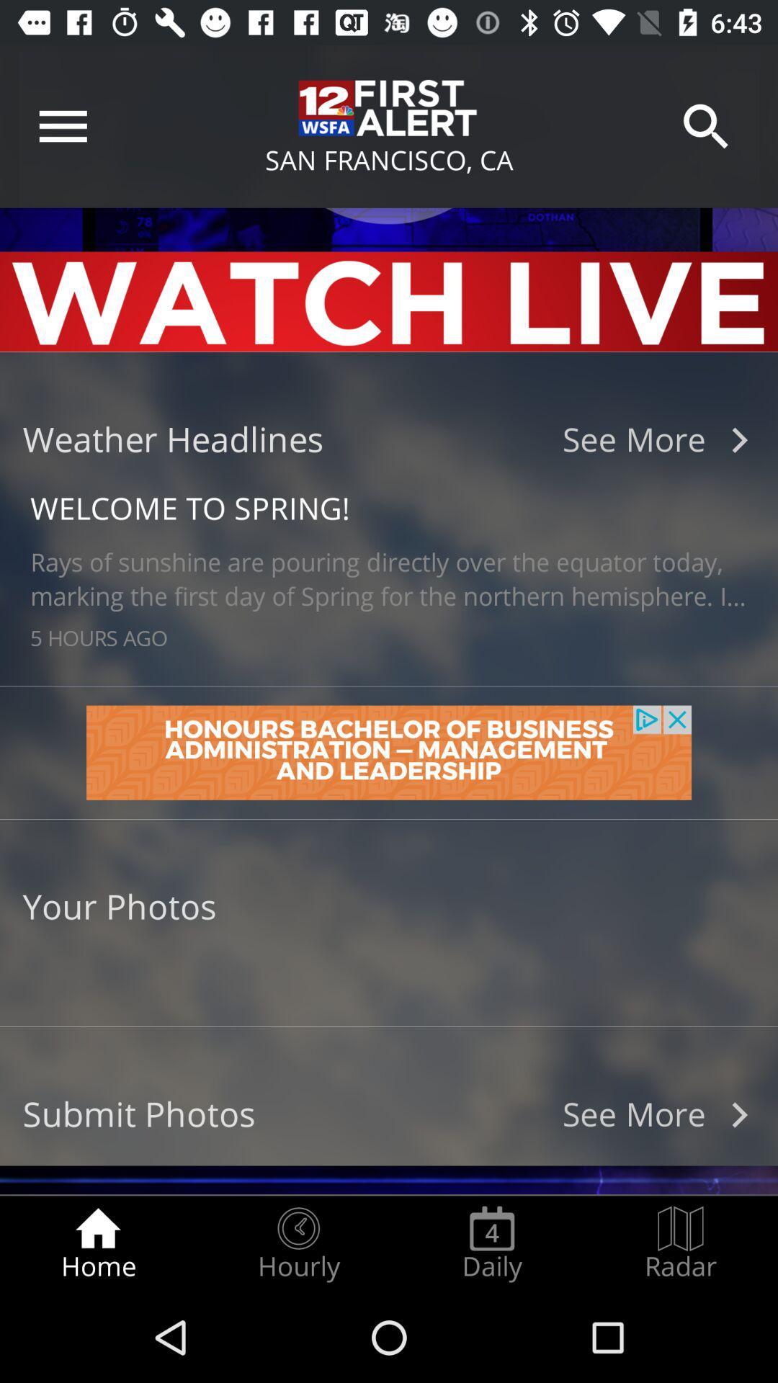 Image resolution: width=778 pixels, height=1383 pixels. Describe the element at coordinates (491, 1243) in the screenshot. I see `the daily radio button` at that location.